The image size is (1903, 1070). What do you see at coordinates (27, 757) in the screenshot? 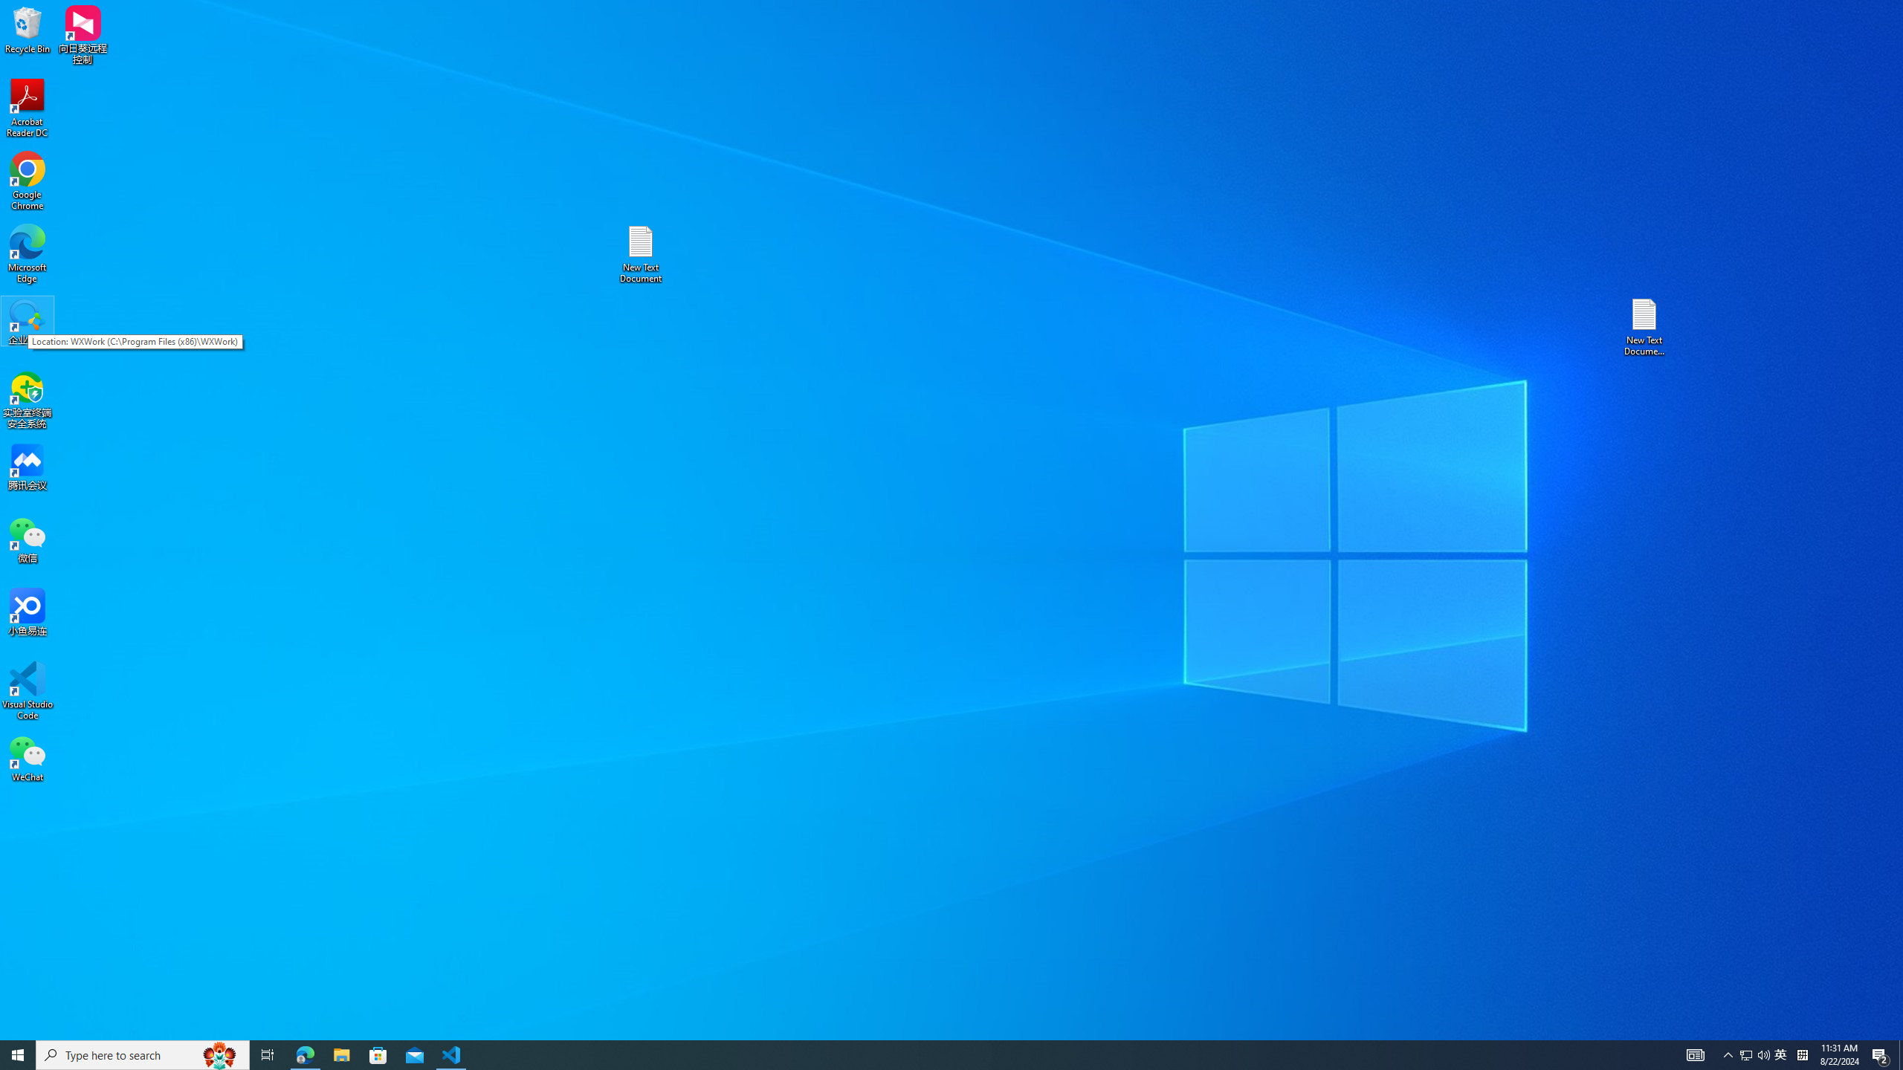
I see `'WeChat'` at bounding box center [27, 757].